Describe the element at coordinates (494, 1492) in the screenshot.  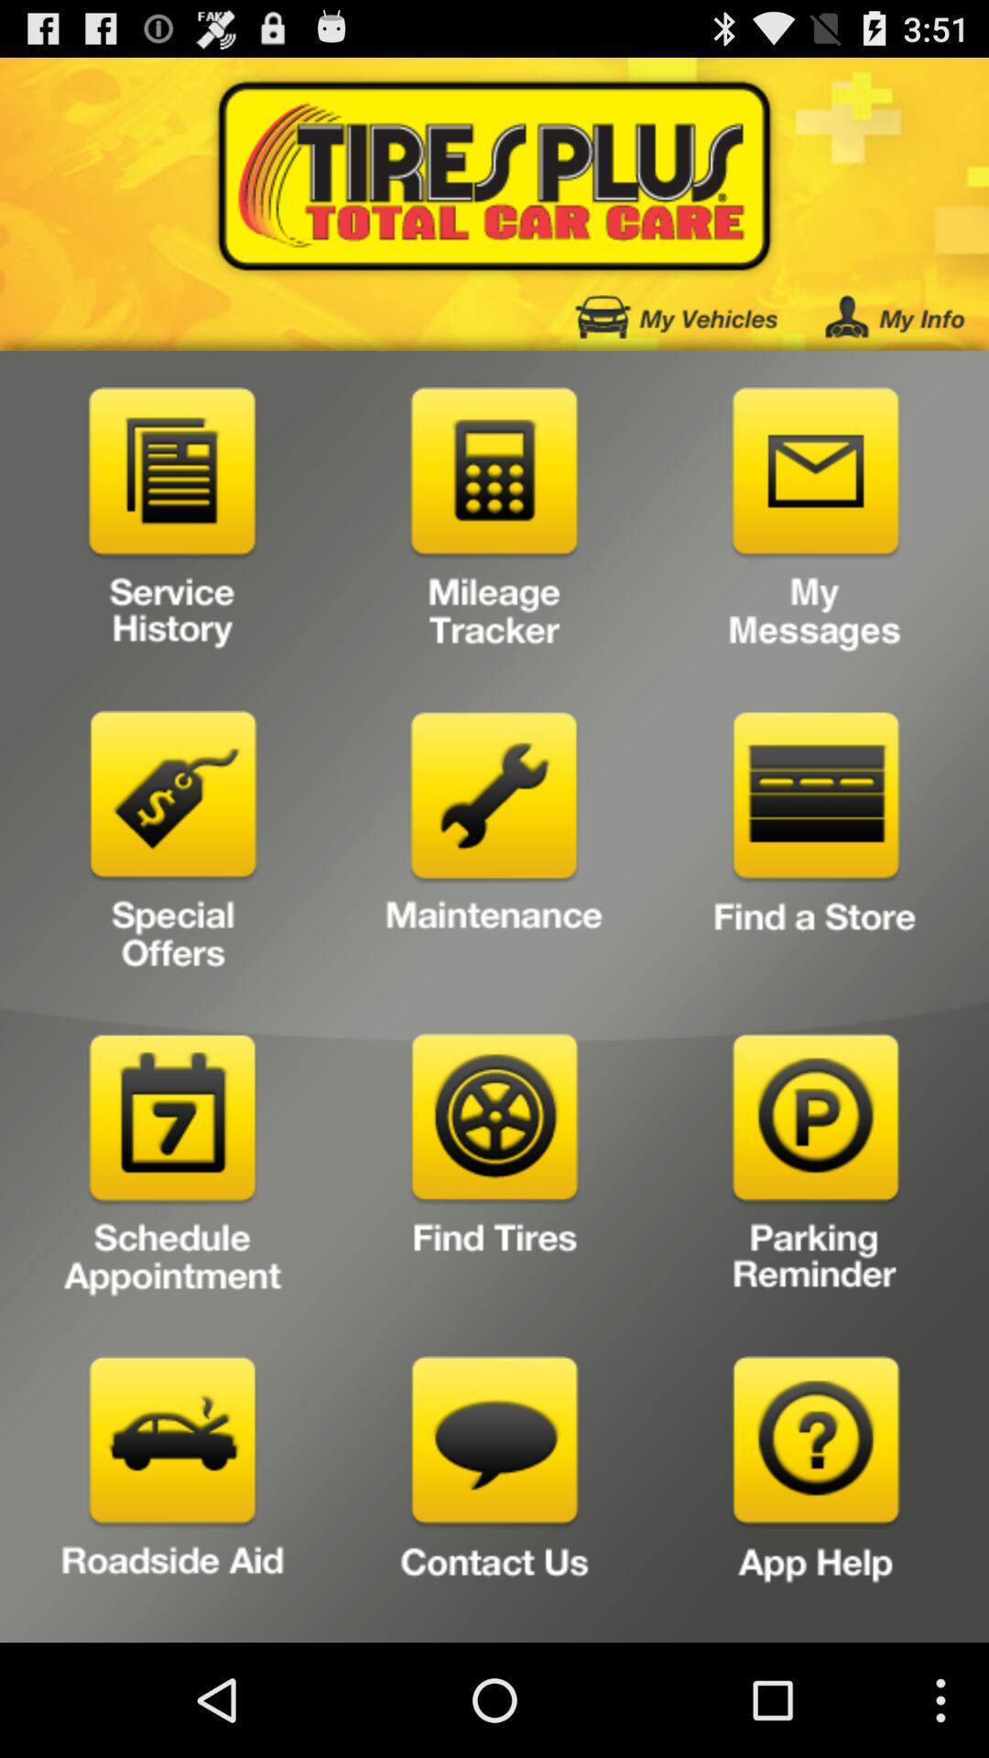
I see `the item at the bottom` at that location.